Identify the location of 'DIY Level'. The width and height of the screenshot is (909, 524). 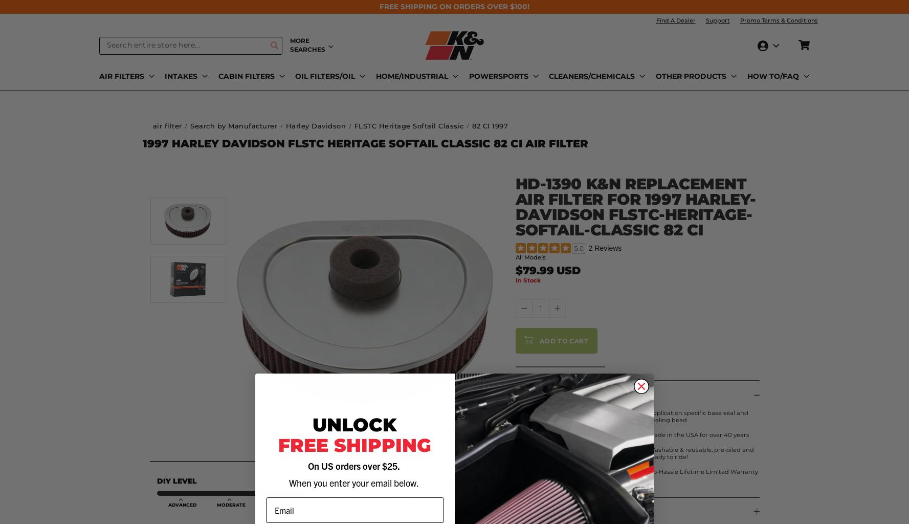
(156, 481).